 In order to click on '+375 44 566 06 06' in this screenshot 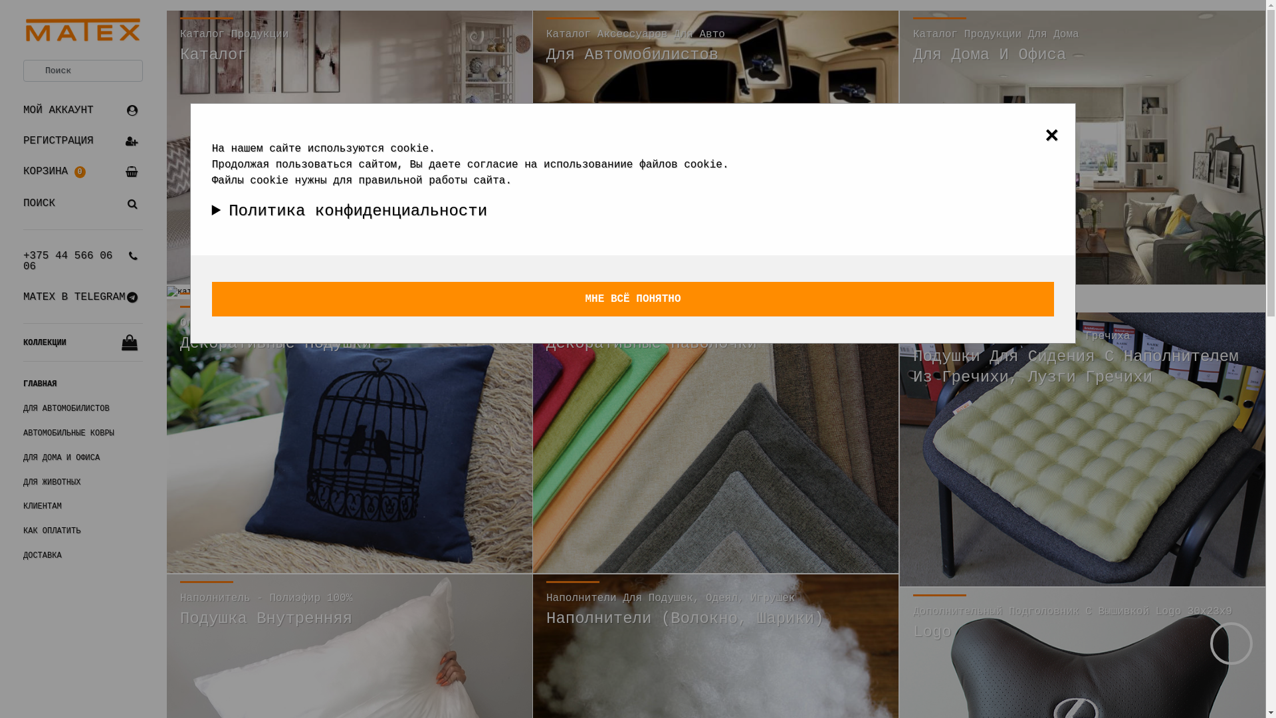, I will do `click(82, 261)`.